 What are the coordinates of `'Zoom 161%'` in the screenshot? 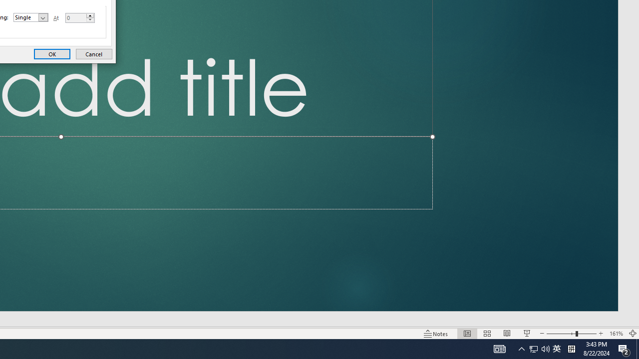 It's located at (616, 334).